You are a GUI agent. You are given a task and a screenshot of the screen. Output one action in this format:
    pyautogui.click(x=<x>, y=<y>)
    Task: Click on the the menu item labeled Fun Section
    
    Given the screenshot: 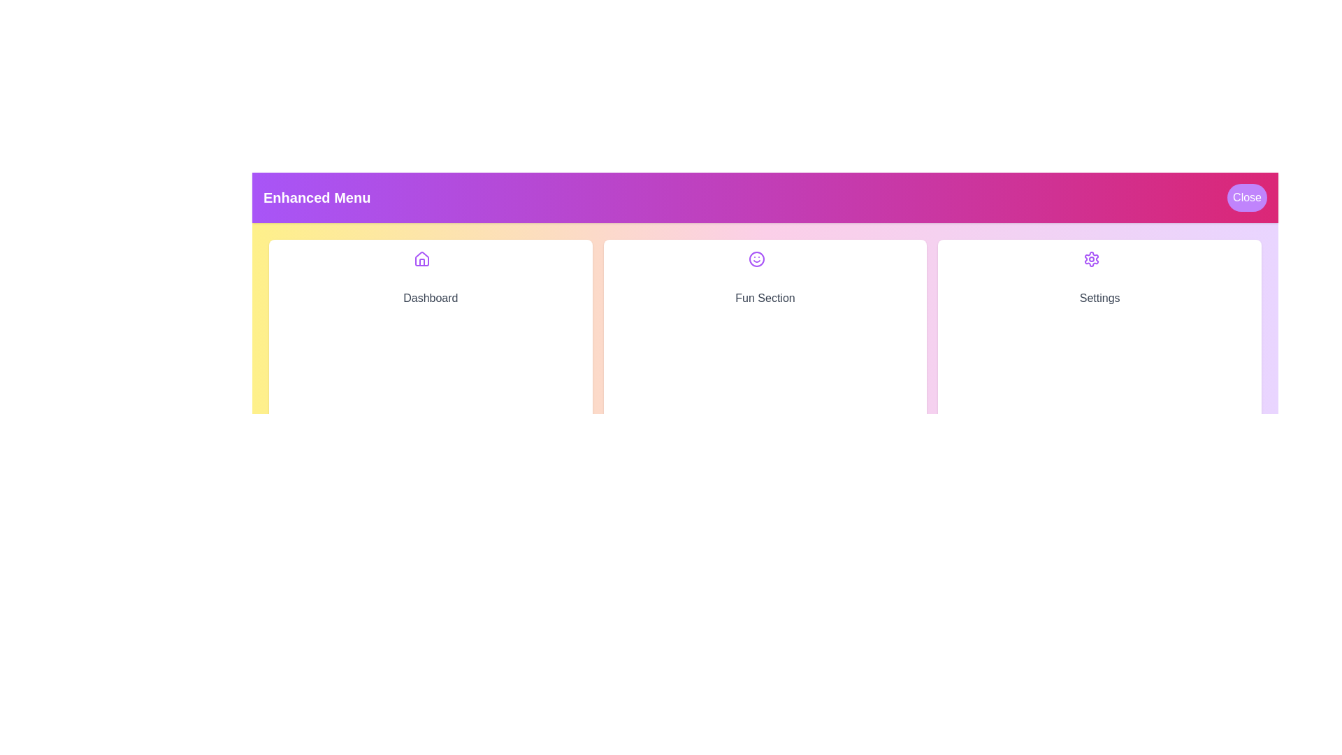 What is the action you would take?
    pyautogui.click(x=764, y=404)
    